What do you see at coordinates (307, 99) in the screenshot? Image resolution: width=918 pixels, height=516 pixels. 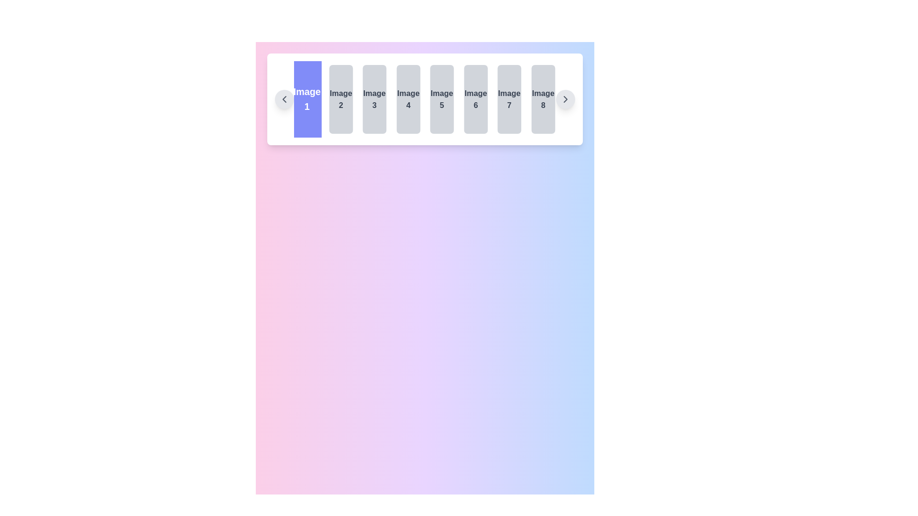 I see `the first card in the horizontally laid-out row of cards in the carousel` at bounding box center [307, 99].